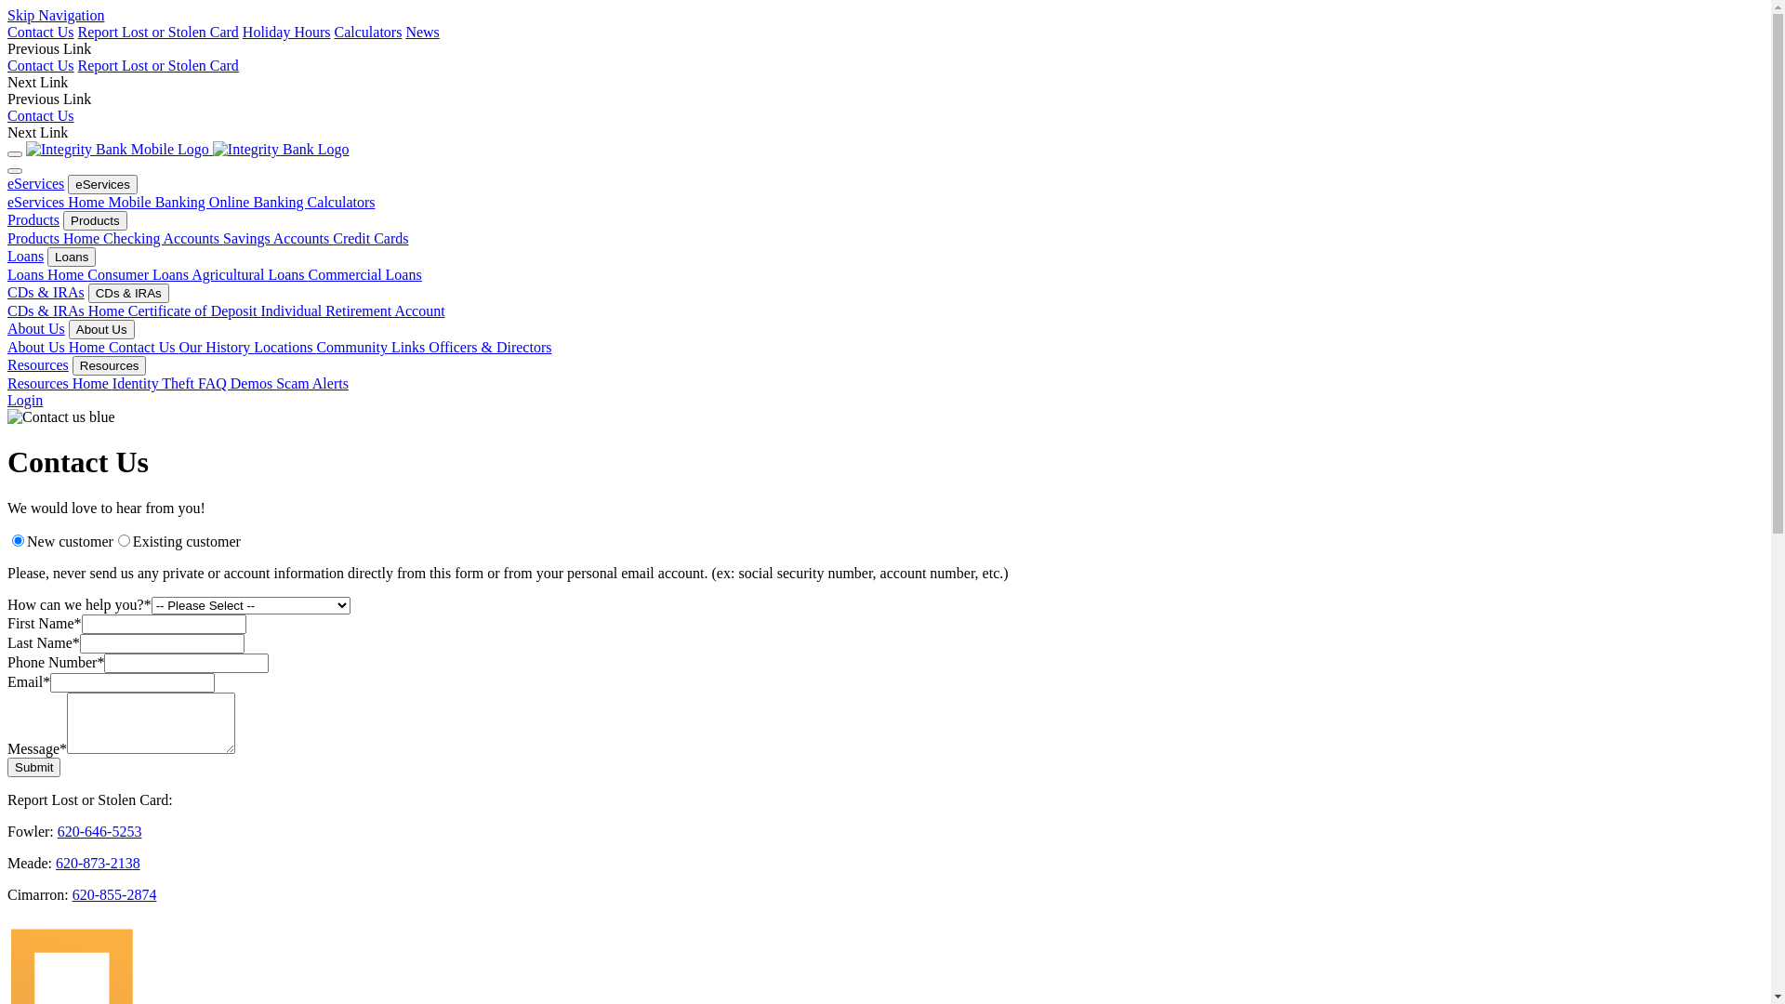  What do you see at coordinates (25, 399) in the screenshot?
I see `'Login'` at bounding box center [25, 399].